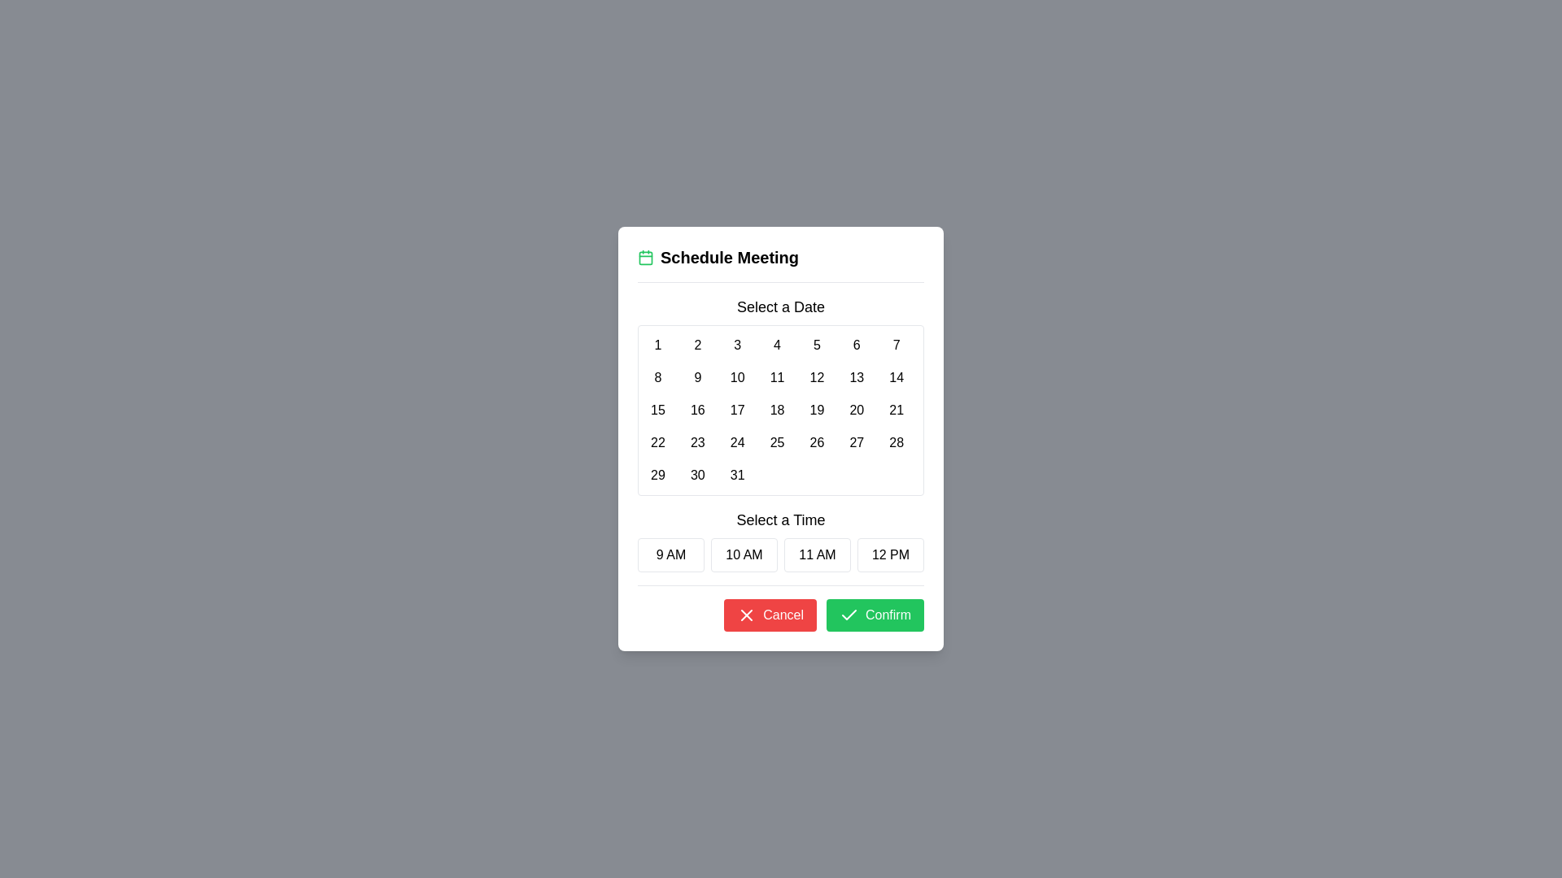 This screenshot has width=1562, height=878. Describe the element at coordinates (874, 615) in the screenshot. I see `the confirm button located at the bottom-right corner of the dialog box to finalize the operation or selection` at that location.